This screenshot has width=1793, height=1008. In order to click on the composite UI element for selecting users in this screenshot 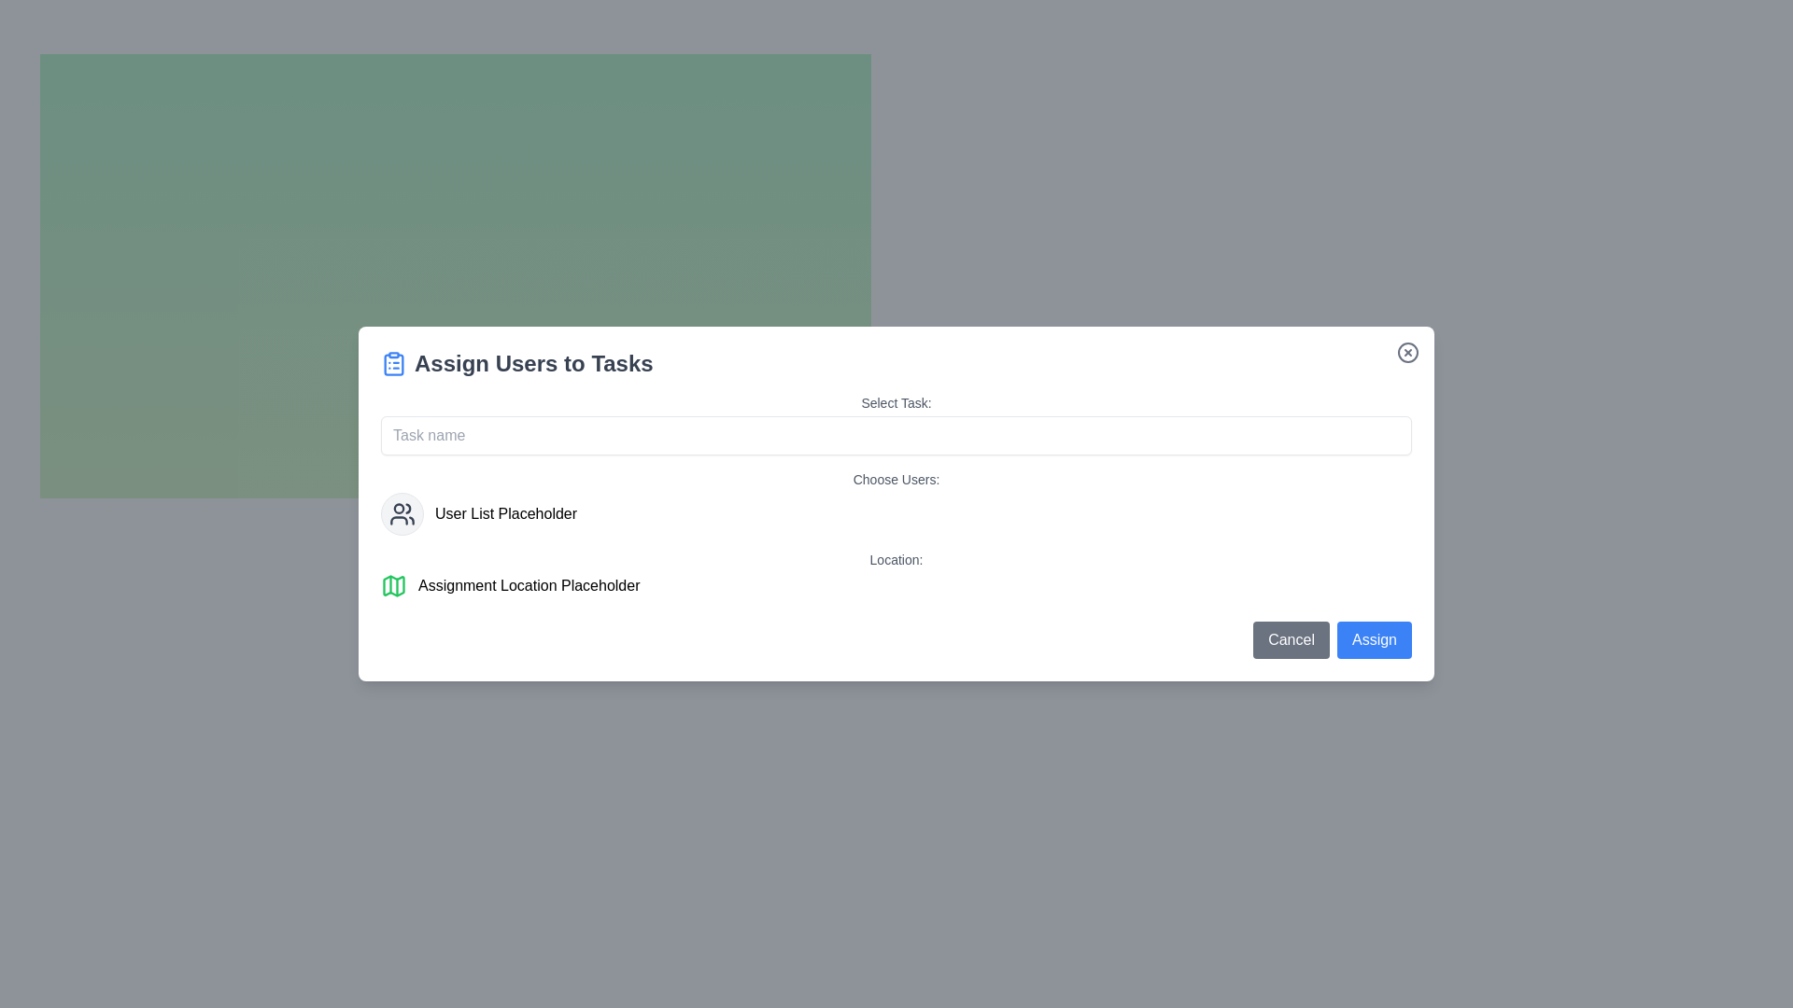, I will do `click(896, 502)`.